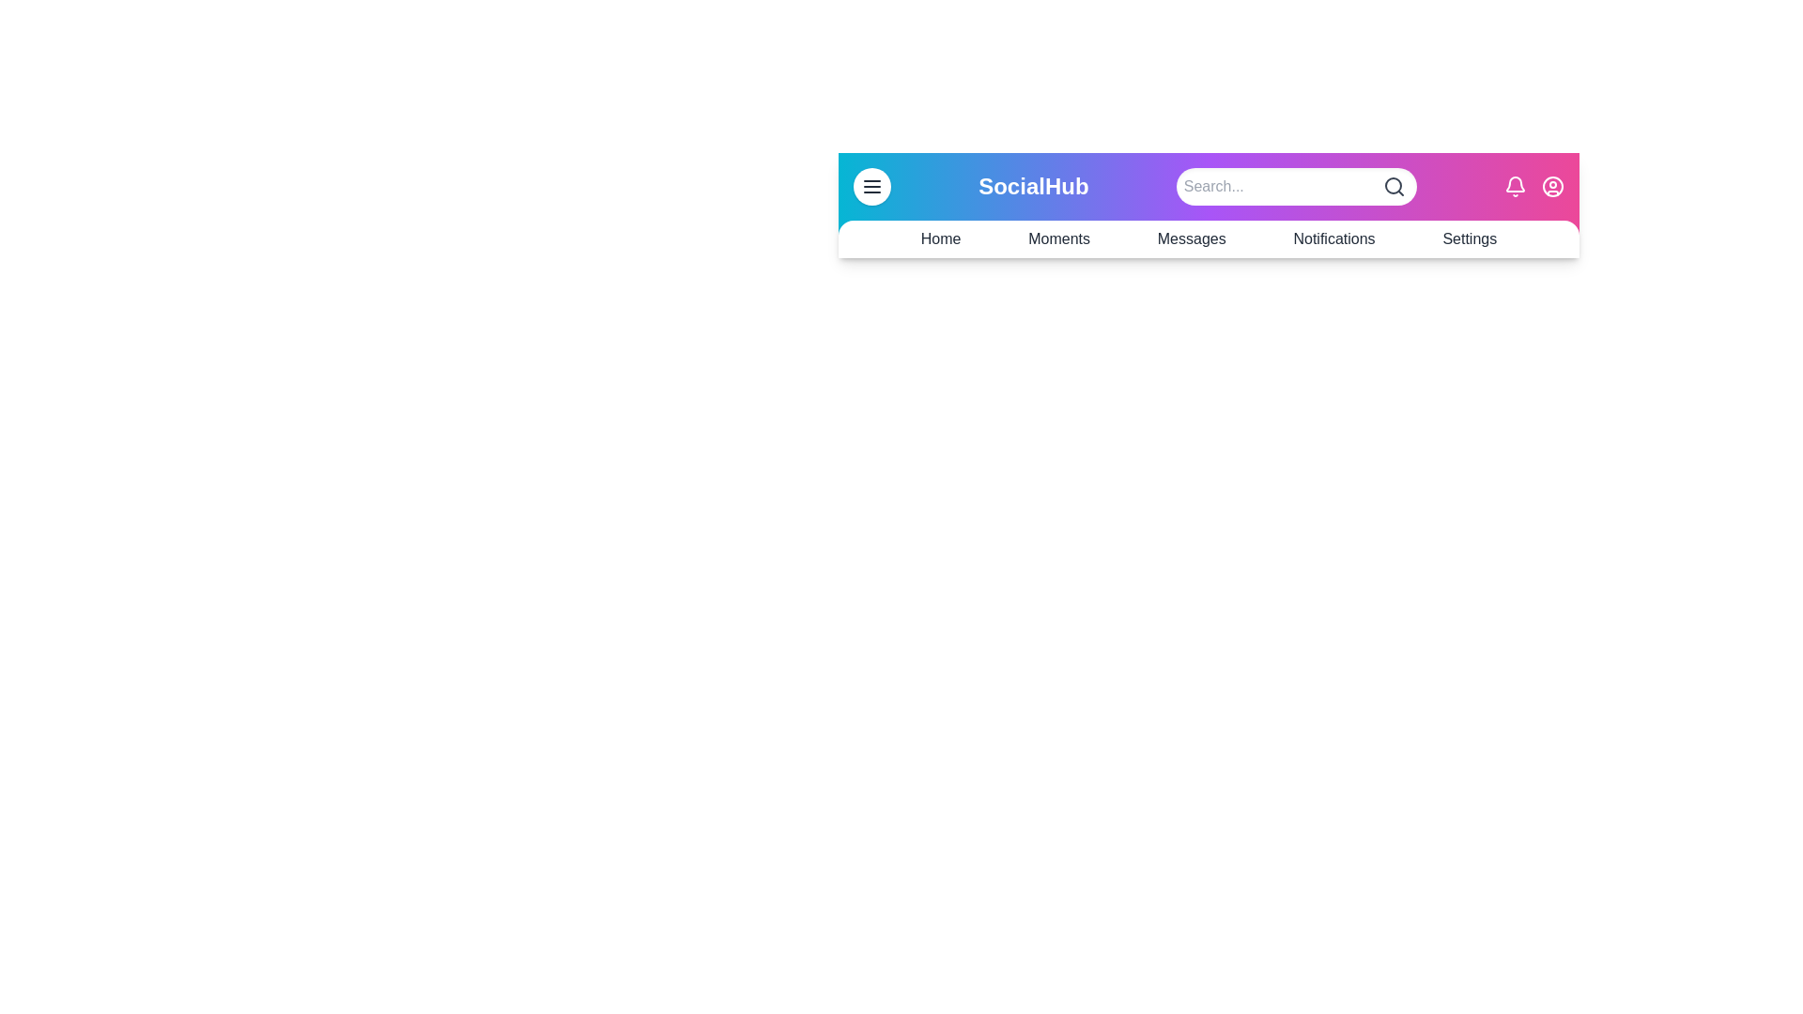 This screenshot has height=1014, width=1803. I want to click on the search bar and type the text 'example', so click(1295, 187).